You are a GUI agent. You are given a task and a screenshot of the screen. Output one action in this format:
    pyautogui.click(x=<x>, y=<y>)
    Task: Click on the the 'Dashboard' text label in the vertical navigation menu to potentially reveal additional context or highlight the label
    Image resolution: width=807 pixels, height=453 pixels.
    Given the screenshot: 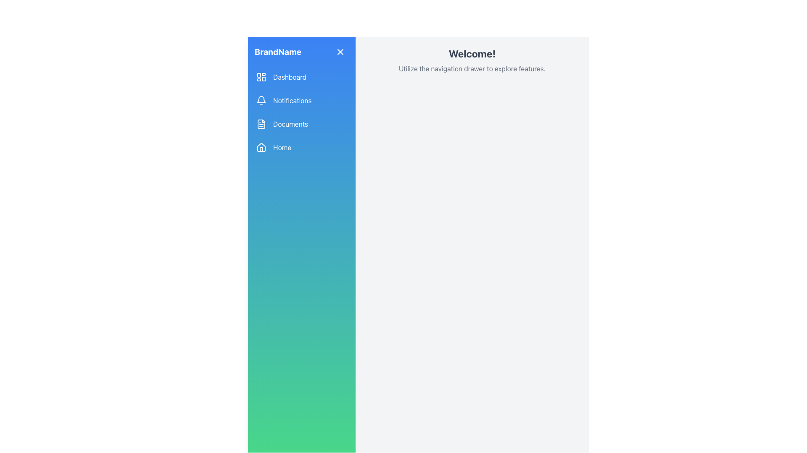 What is the action you would take?
    pyautogui.click(x=290, y=77)
    